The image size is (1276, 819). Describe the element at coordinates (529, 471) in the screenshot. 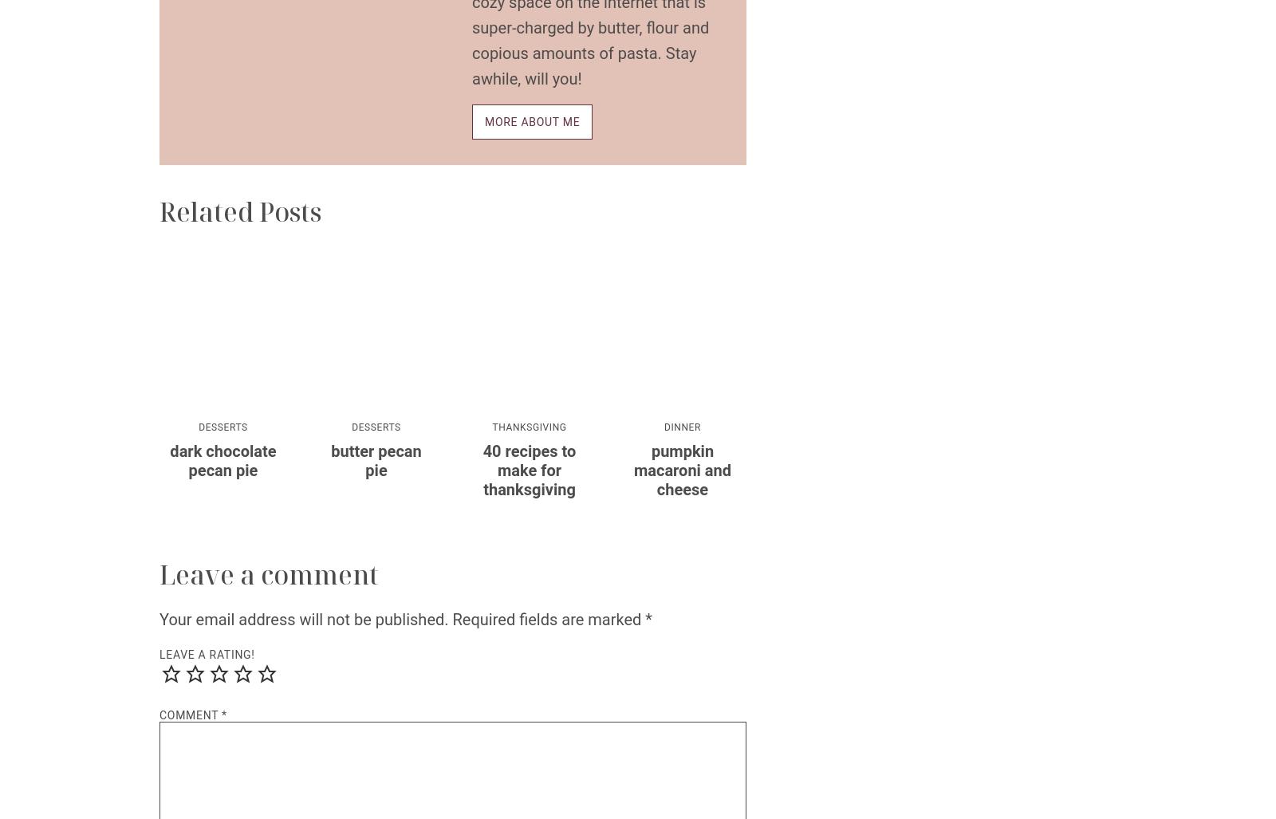

I see `'40 Recipes to Make for Thanksgiving'` at that location.